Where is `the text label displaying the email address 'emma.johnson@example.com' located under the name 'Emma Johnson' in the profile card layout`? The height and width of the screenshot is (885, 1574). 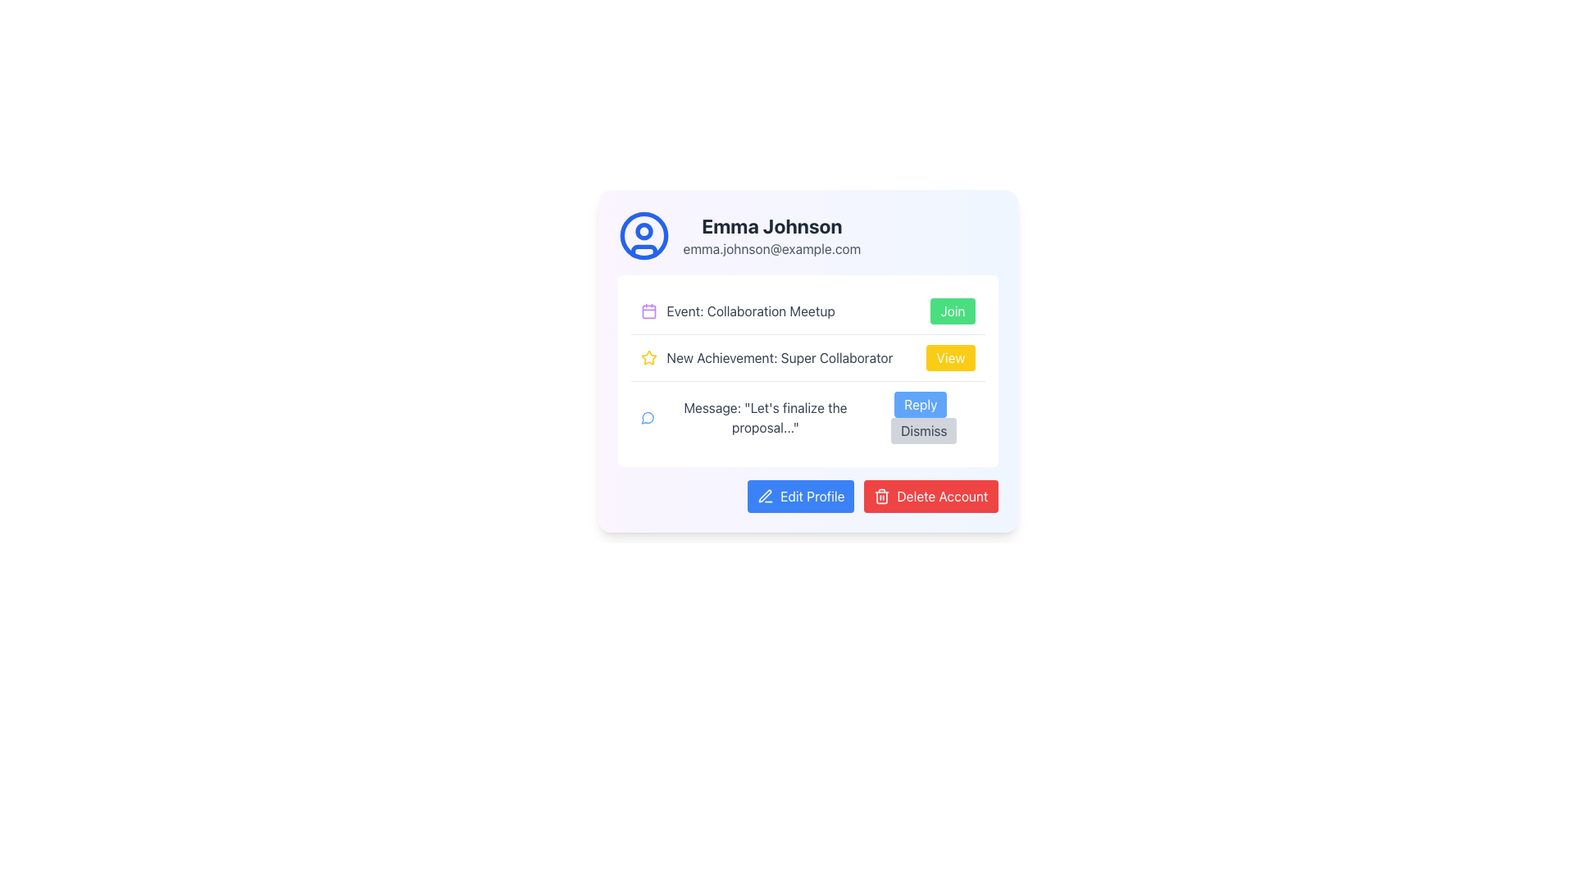
the text label displaying the email address 'emma.johnson@example.com' located under the name 'Emma Johnson' in the profile card layout is located at coordinates (771, 249).